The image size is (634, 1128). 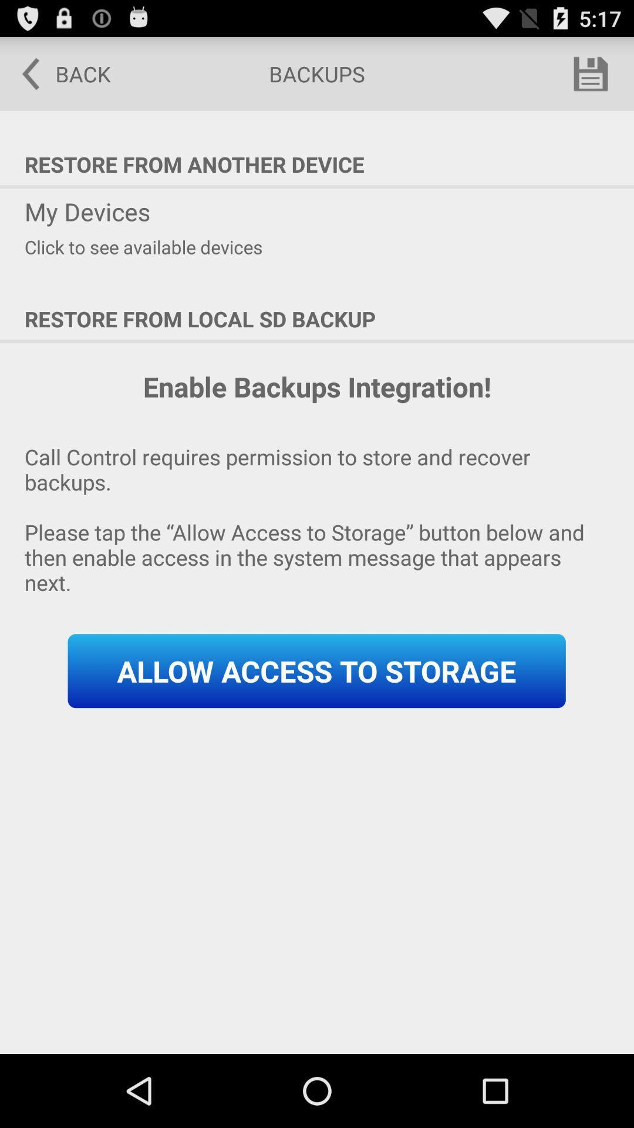 I want to click on item next to backups item, so click(x=591, y=73).